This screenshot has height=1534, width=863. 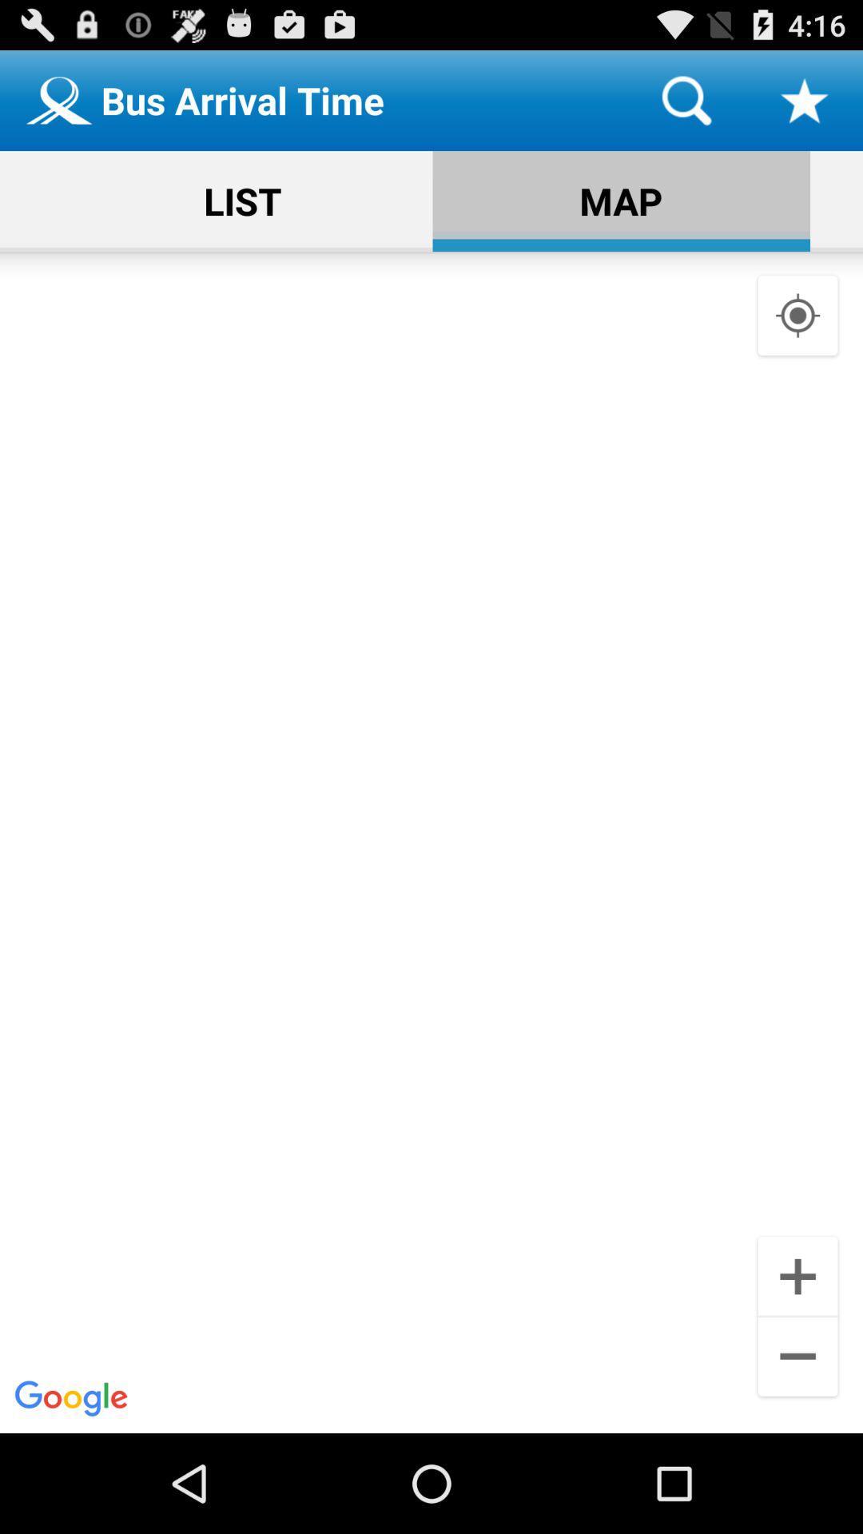 I want to click on icon above the map app, so click(x=686, y=99).